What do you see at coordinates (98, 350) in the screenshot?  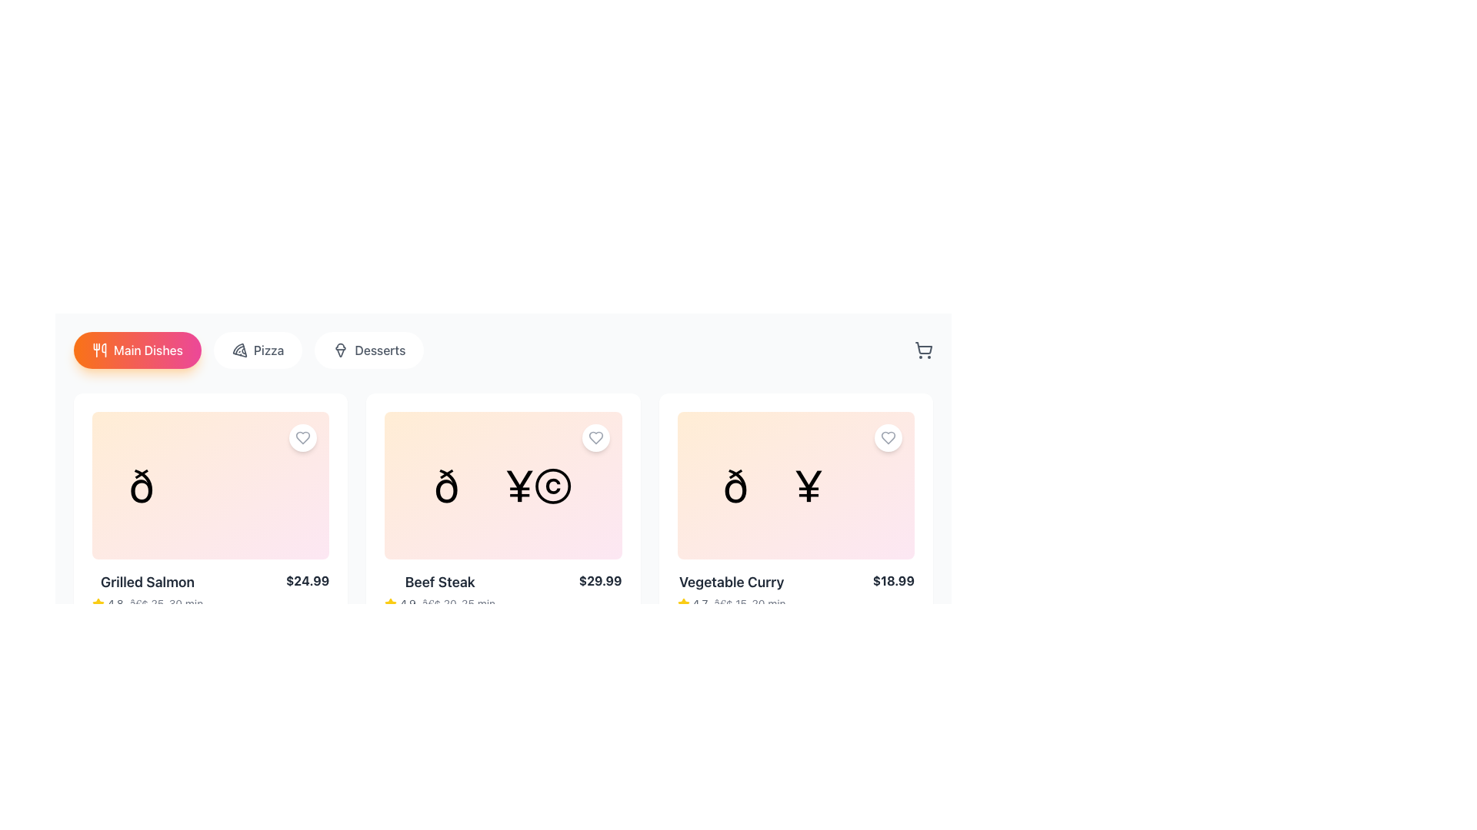 I see `the icon within the 'Main Dishes' button, which is located on the left side of the button and depicts utensils` at bounding box center [98, 350].